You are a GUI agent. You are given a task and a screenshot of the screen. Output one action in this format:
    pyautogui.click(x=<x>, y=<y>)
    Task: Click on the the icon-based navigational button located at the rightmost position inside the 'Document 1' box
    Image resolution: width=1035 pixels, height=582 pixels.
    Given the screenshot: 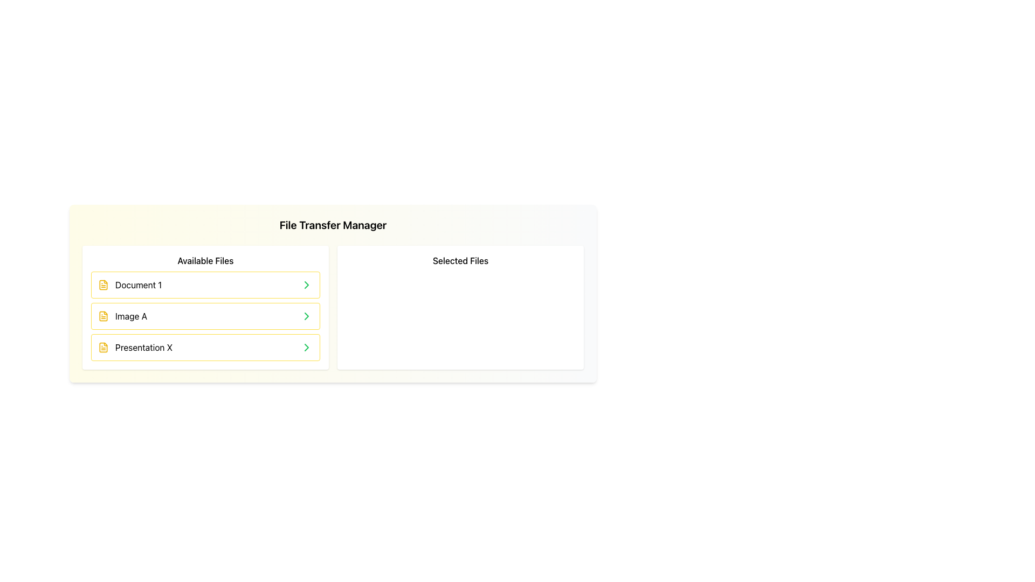 What is the action you would take?
    pyautogui.click(x=306, y=284)
    